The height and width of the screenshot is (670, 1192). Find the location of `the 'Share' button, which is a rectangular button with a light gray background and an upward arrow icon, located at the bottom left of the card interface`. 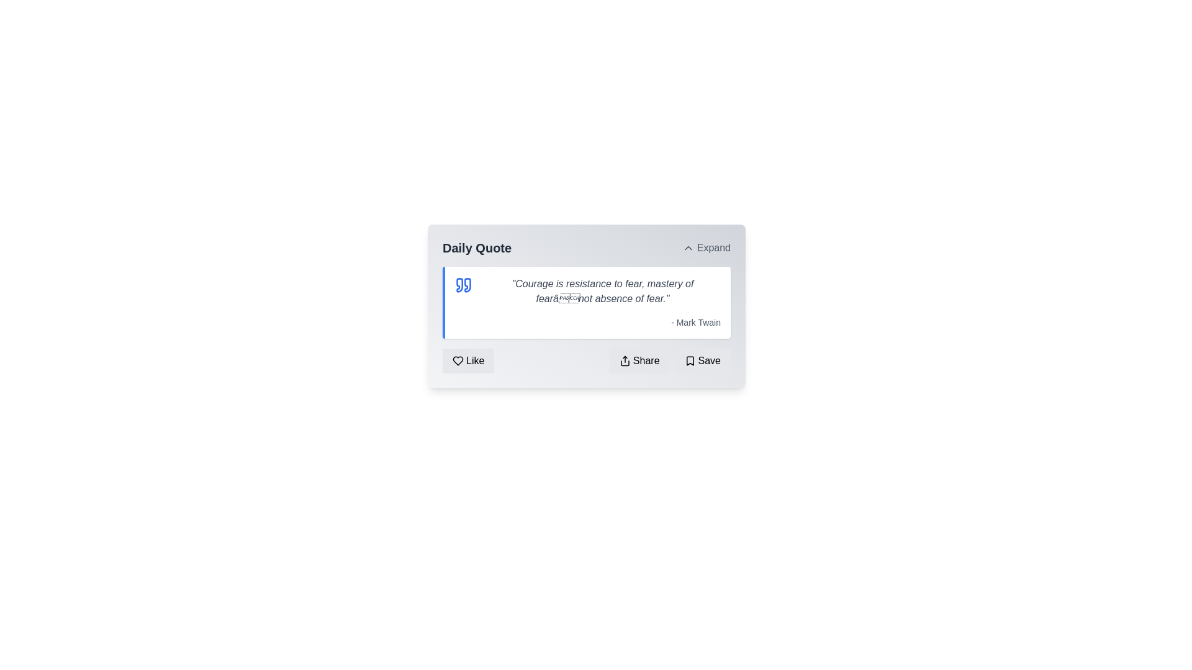

the 'Share' button, which is a rectangular button with a light gray background and an upward arrow icon, located at the bottom left of the card interface is located at coordinates (639, 361).